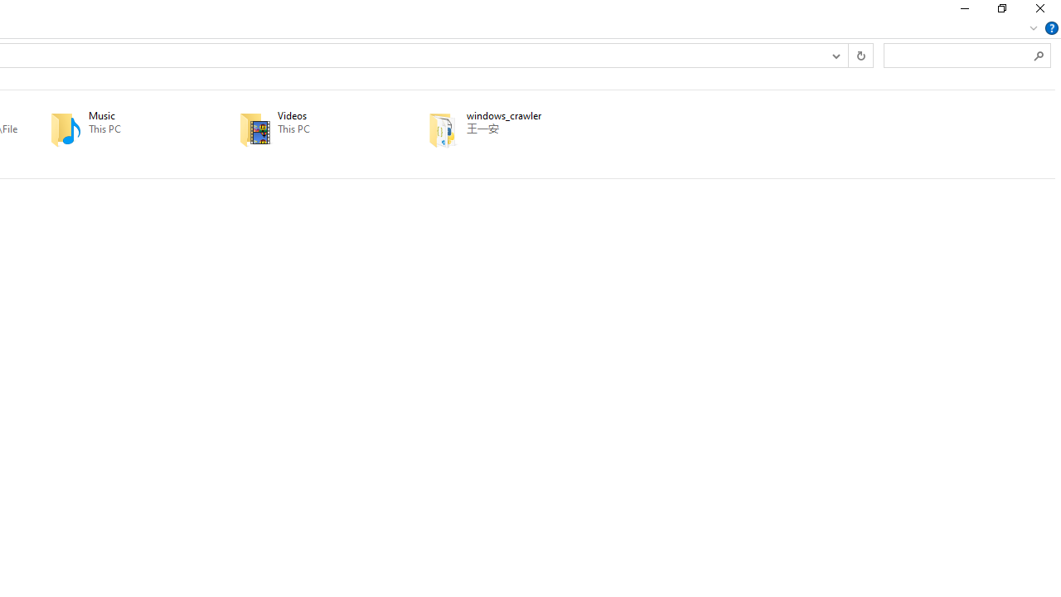 The height and width of the screenshot is (597, 1061). I want to click on 'Help', so click(1051, 27).